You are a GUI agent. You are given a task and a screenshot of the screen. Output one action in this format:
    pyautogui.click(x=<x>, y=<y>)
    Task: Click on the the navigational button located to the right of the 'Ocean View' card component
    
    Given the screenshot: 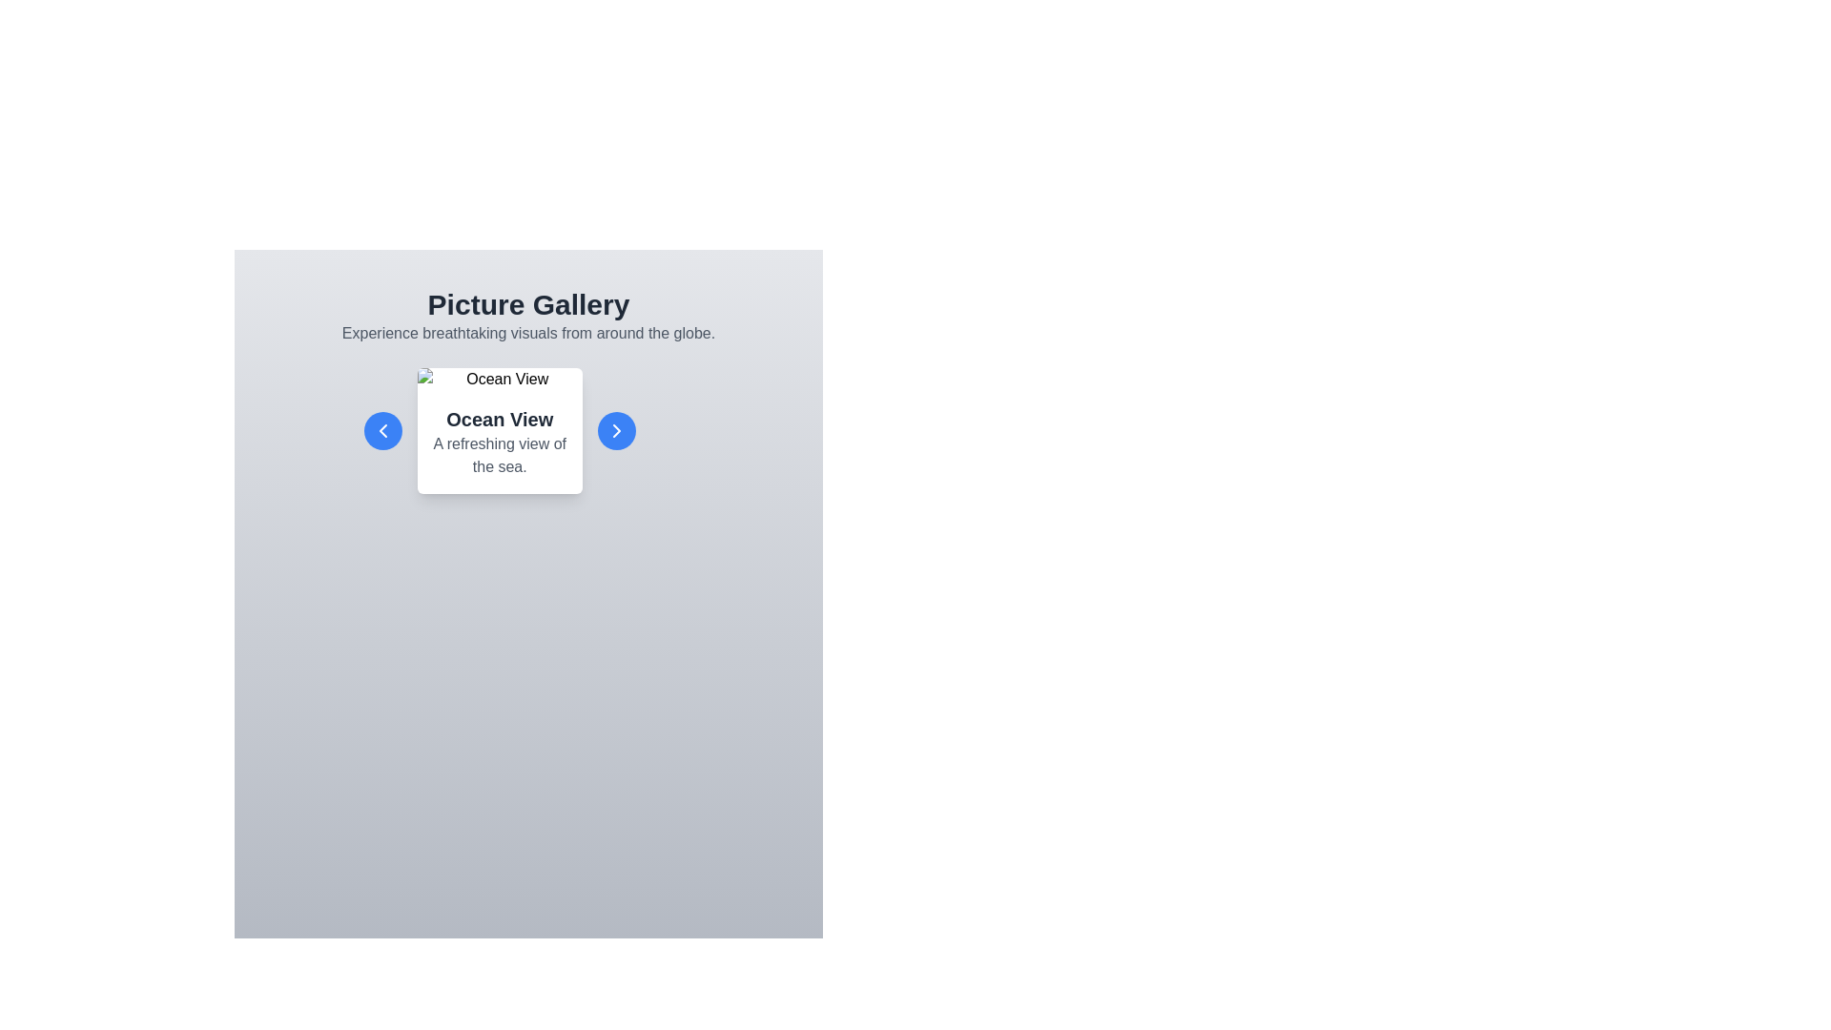 What is the action you would take?
    pyautogui.click(x=616, y=430)
    